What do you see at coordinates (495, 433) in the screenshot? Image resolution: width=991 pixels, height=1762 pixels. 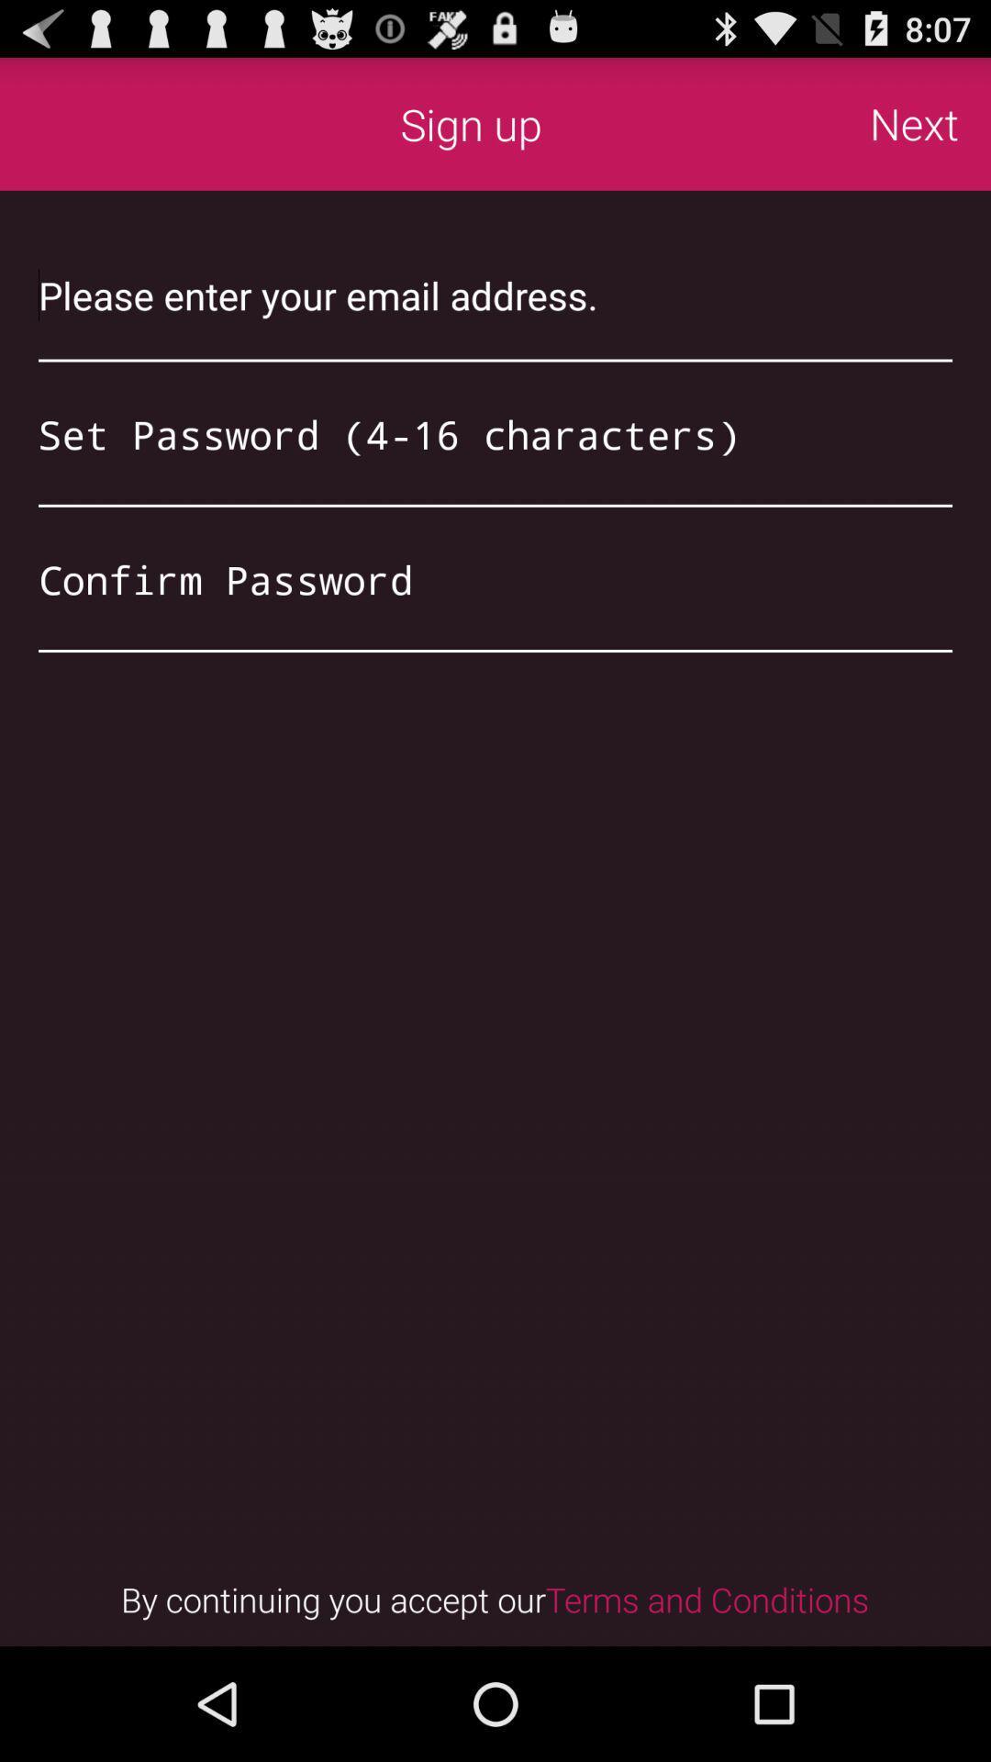 I see `password` at bounding box center [495, 433].